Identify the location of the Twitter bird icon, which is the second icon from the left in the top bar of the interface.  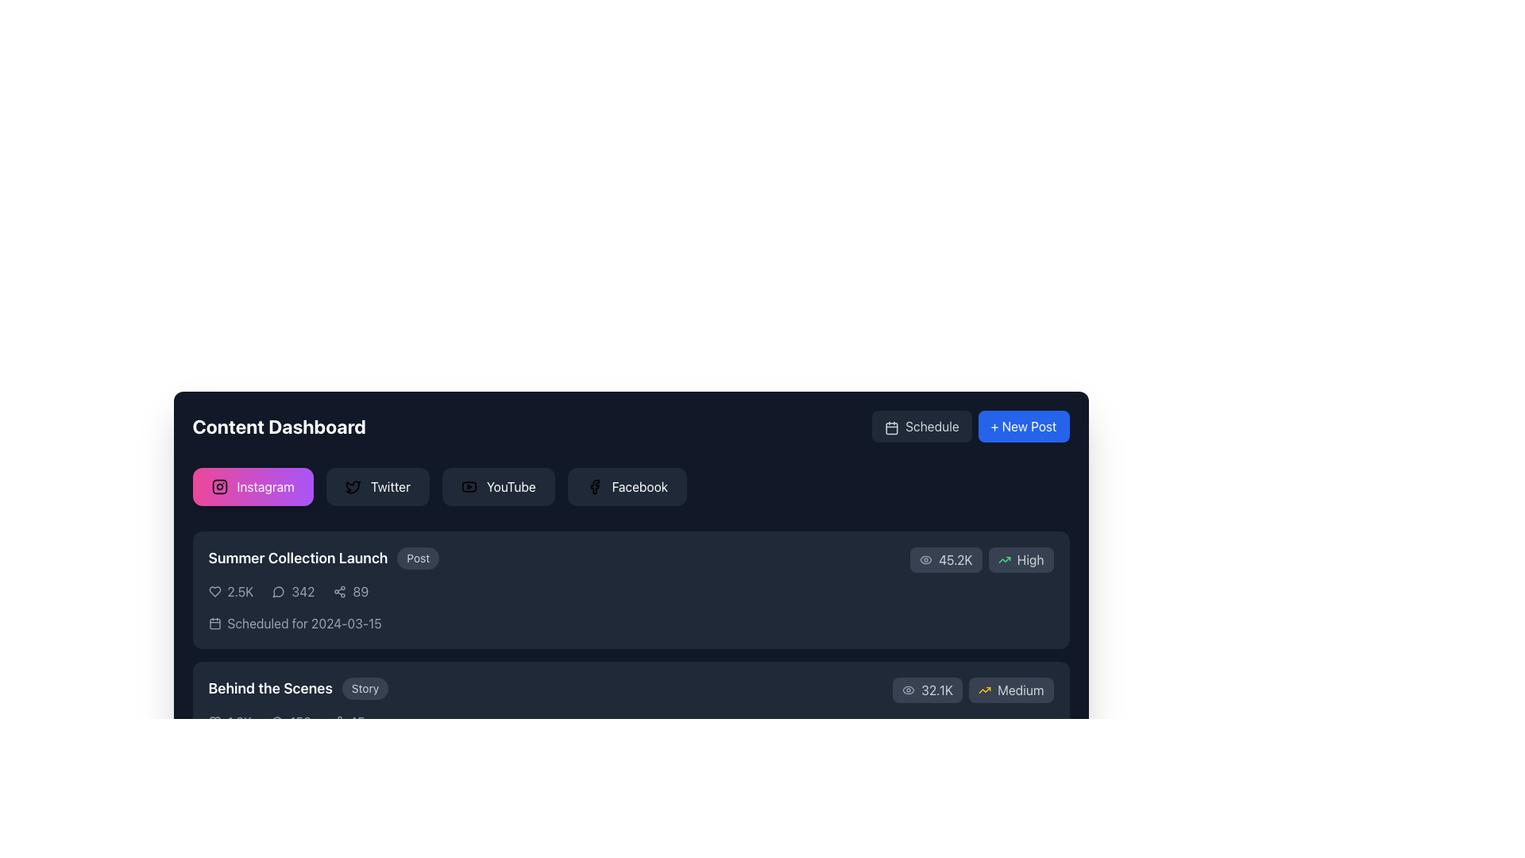
(352, 486).